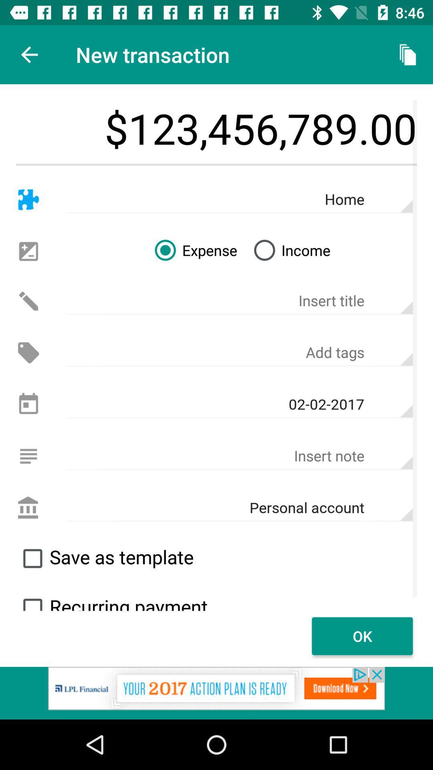 The image size is (433, 770). Describe the element at coordinates (32, 601) in the screenshot. I see `check` at that location.